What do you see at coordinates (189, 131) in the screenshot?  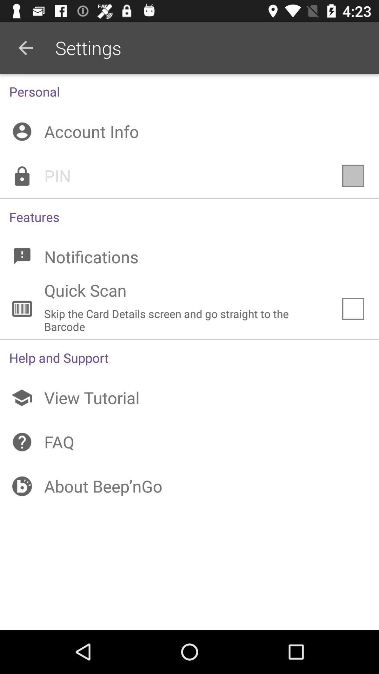 I see `icon below the personal item` at bounding box center [189, 131].